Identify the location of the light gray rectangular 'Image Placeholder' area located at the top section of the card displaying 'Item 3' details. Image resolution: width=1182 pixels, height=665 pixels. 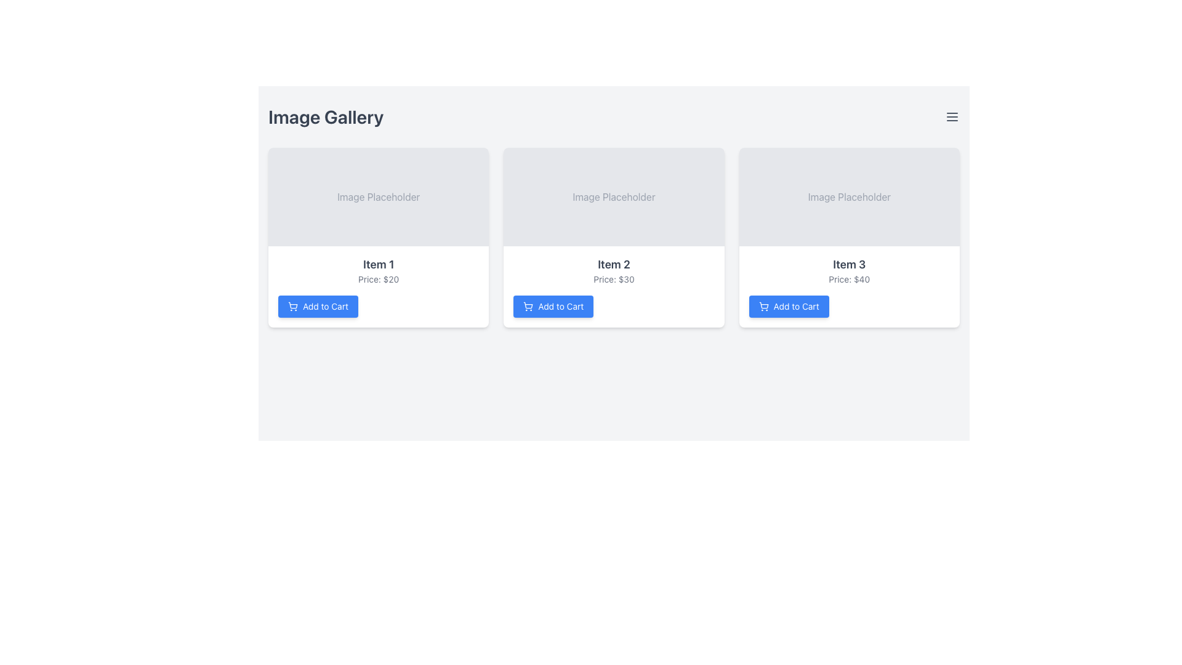
(848, 196).